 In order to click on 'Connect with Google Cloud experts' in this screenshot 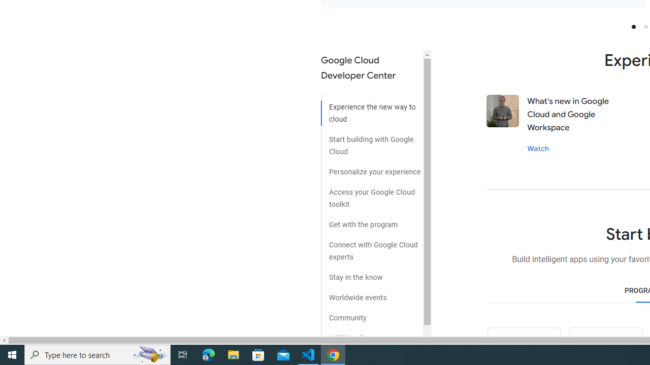, I will do `click(371, 247)`.